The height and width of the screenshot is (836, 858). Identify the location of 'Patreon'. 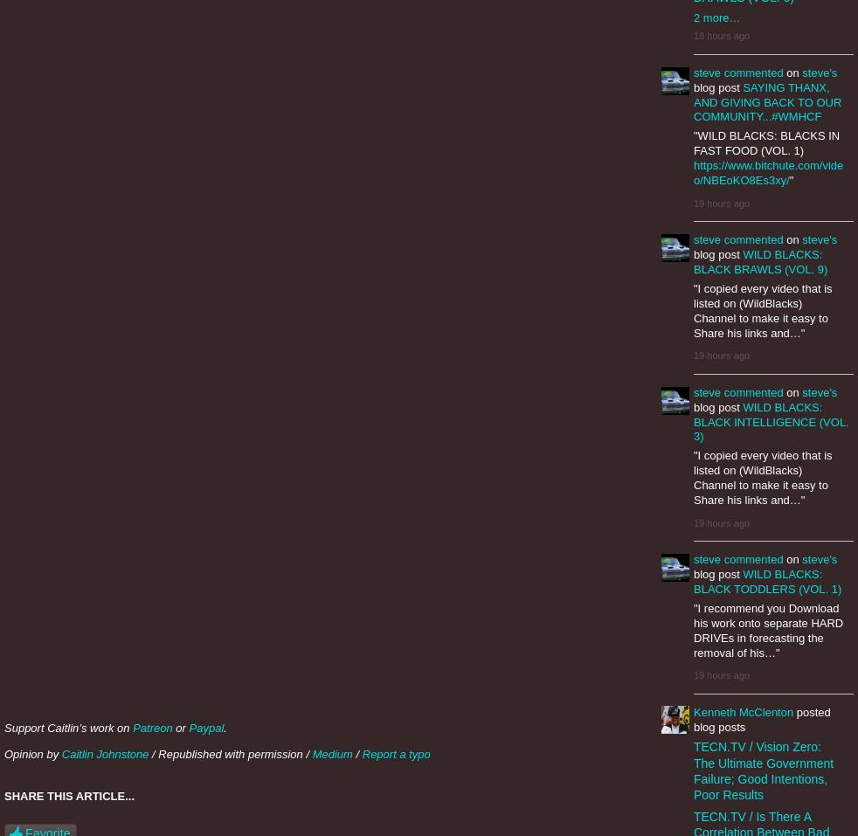
(151, 727).